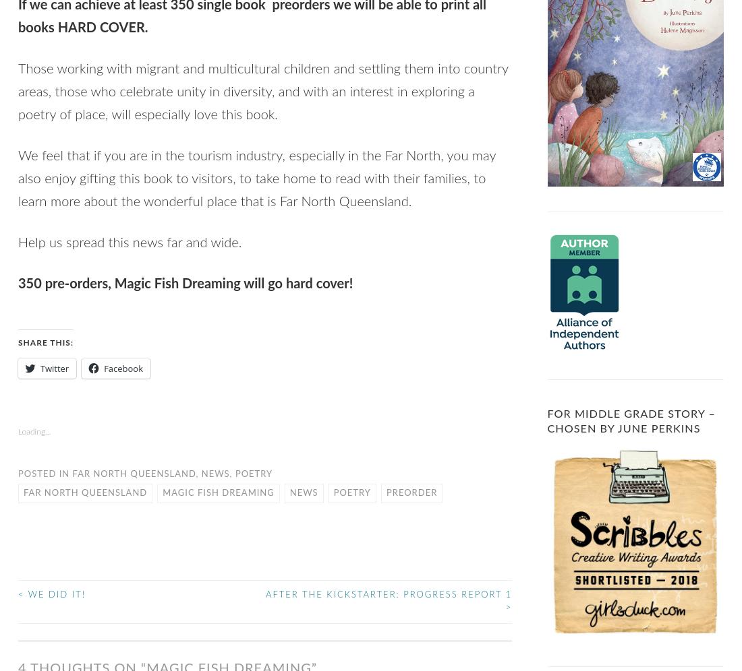 This screenshot has width=742, height=671. Describe the element at coordinates (385, 492) in the screenshot. I see `'Preorder'` at that location.